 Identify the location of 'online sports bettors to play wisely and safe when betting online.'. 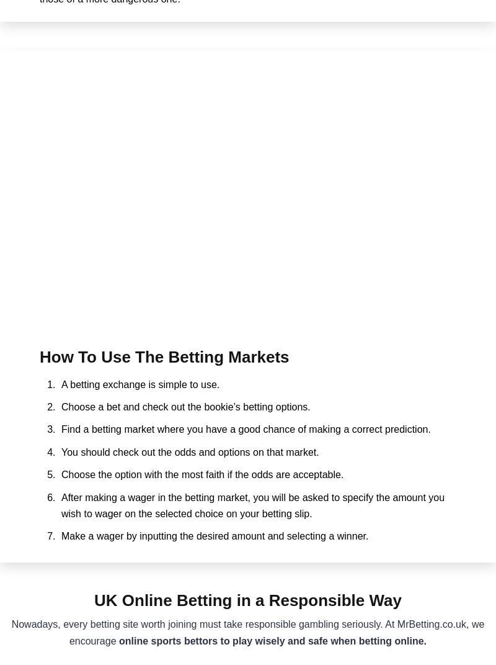
(272, 640).